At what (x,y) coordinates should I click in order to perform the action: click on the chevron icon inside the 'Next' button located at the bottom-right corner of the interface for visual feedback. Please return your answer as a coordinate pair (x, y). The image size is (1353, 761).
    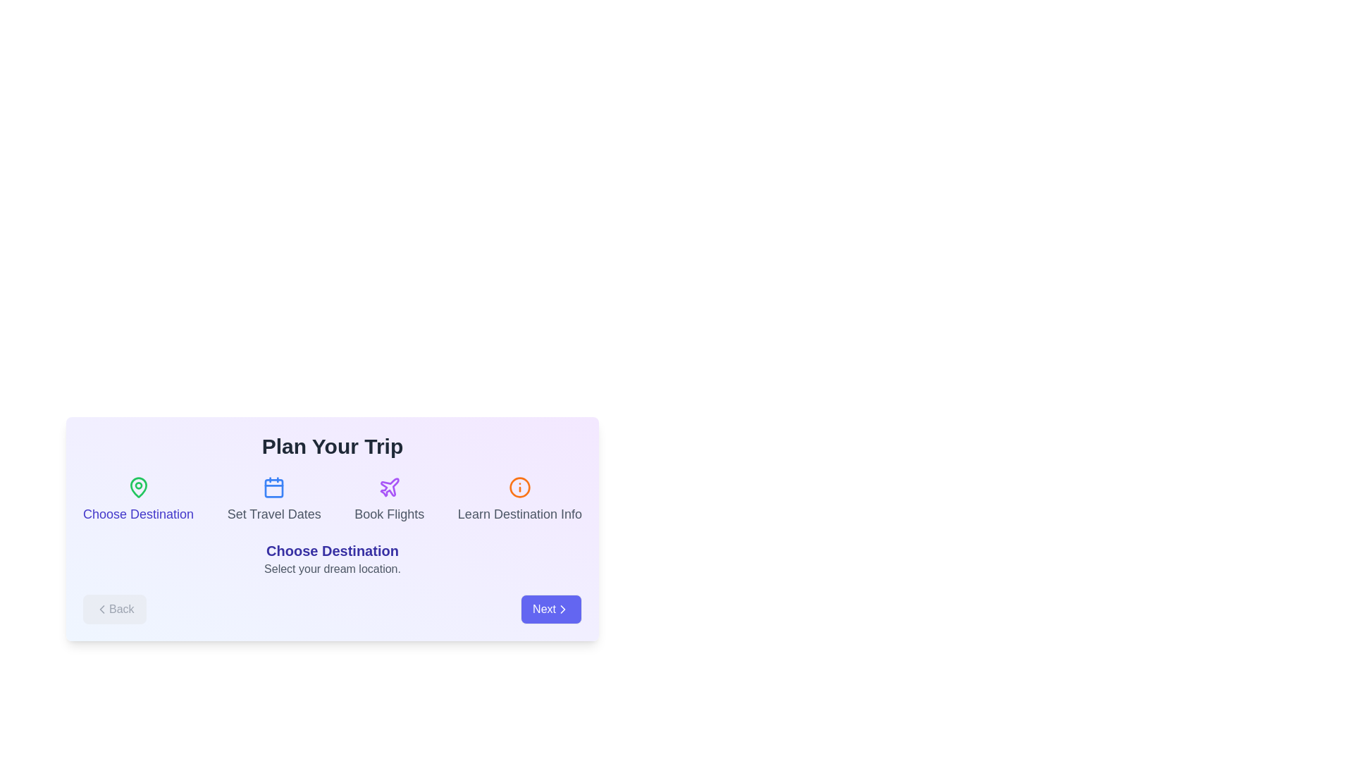
    Looking at the image, I should click on (562, 608).